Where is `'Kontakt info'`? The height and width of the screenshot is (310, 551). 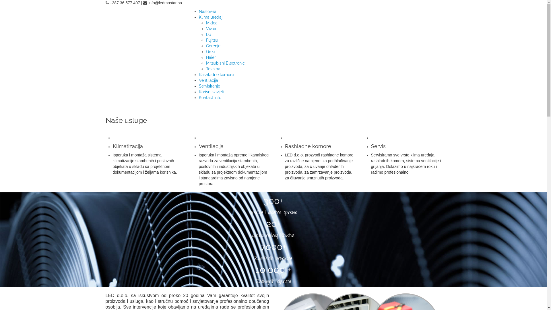 'Kontakt info' is located at coordinates (209, 97).